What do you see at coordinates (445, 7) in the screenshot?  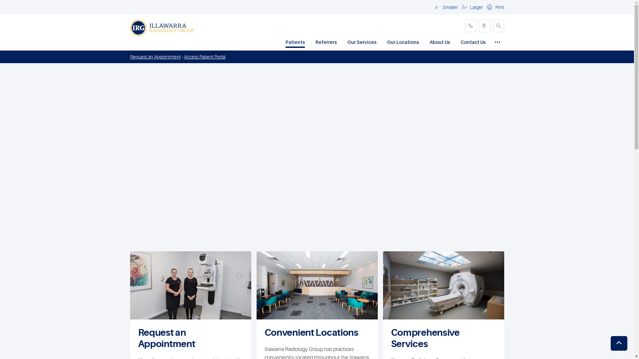 I see `'Smaller'` at bounding box center [445, 7].